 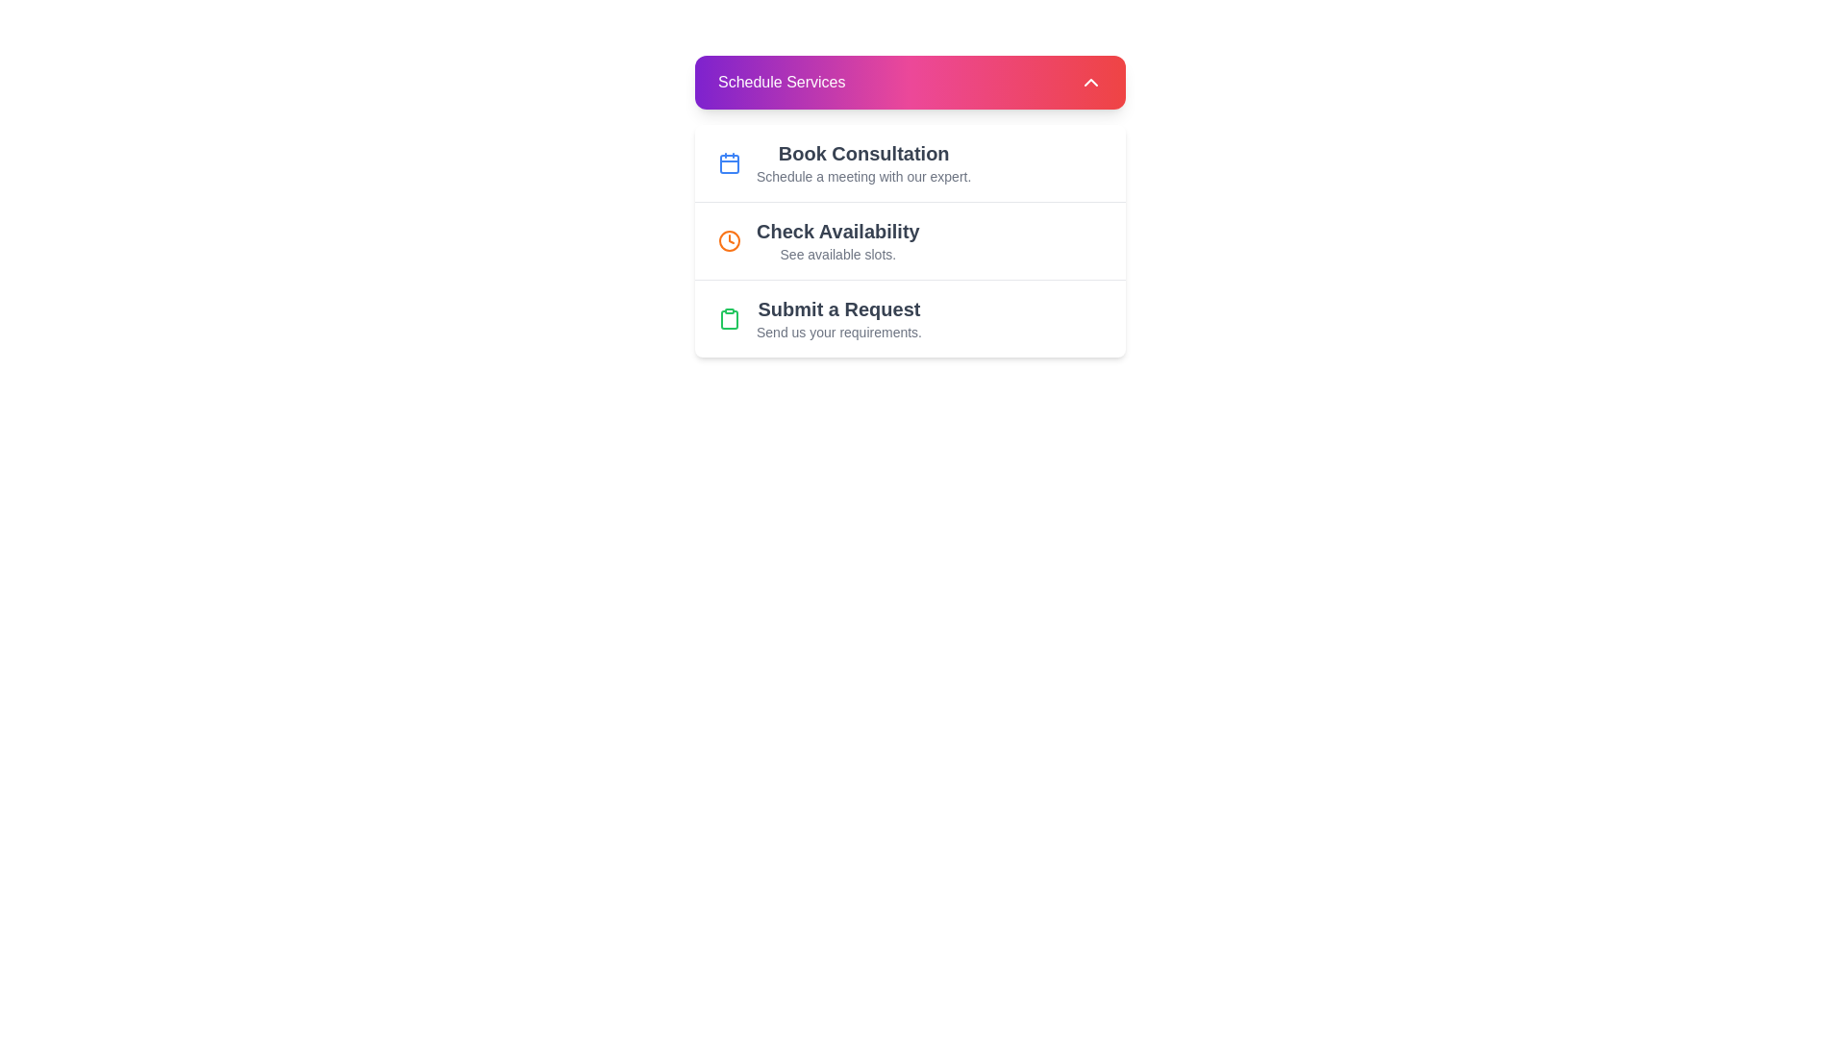 What do you see at coordinates (728, 161) in the screenshot?
I see `the 'Book Consultation' icon located to the left of the 'Book Consultation' text area in the 'Schedule Services' dropdown panel` at bounding box center [728, 161].